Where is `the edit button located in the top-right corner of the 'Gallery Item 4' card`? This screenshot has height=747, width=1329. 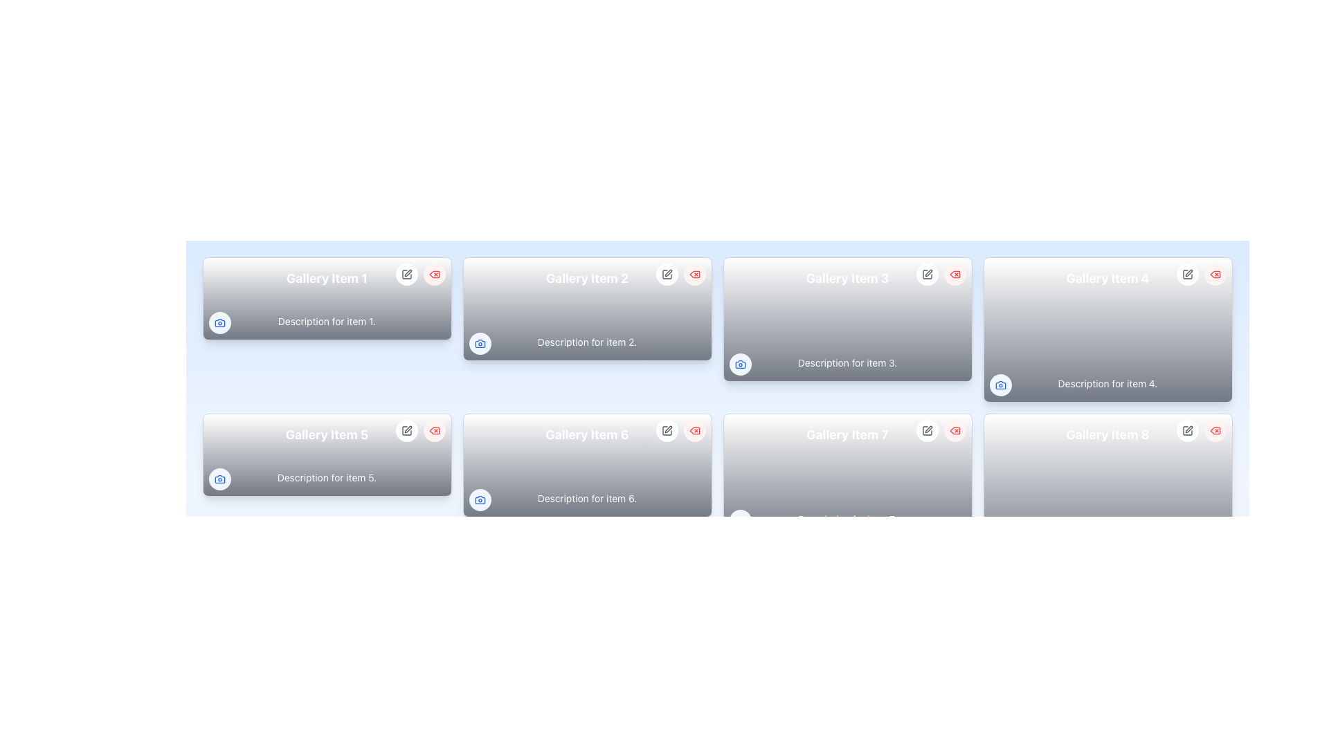
the edit button located in the top-right corner of the 'Gallery Item 4' card is located at coordinates (1186, 275).